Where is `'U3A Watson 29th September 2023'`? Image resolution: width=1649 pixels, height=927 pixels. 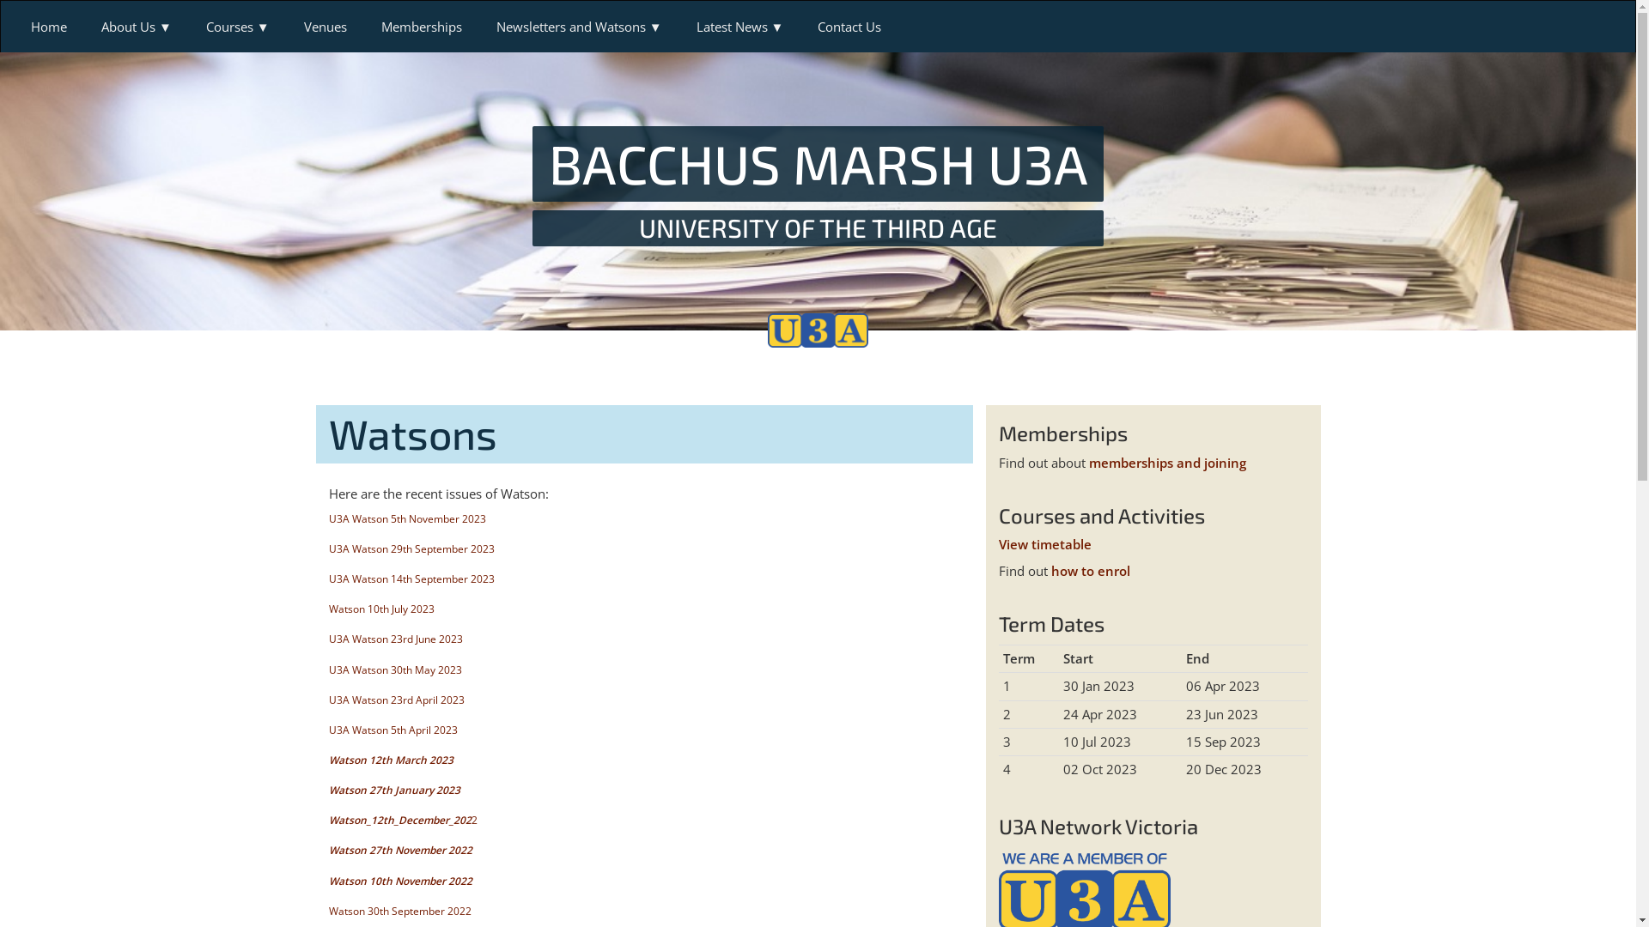 'U3A Watson 29th September 2023' is located at coordinates (410, 548).